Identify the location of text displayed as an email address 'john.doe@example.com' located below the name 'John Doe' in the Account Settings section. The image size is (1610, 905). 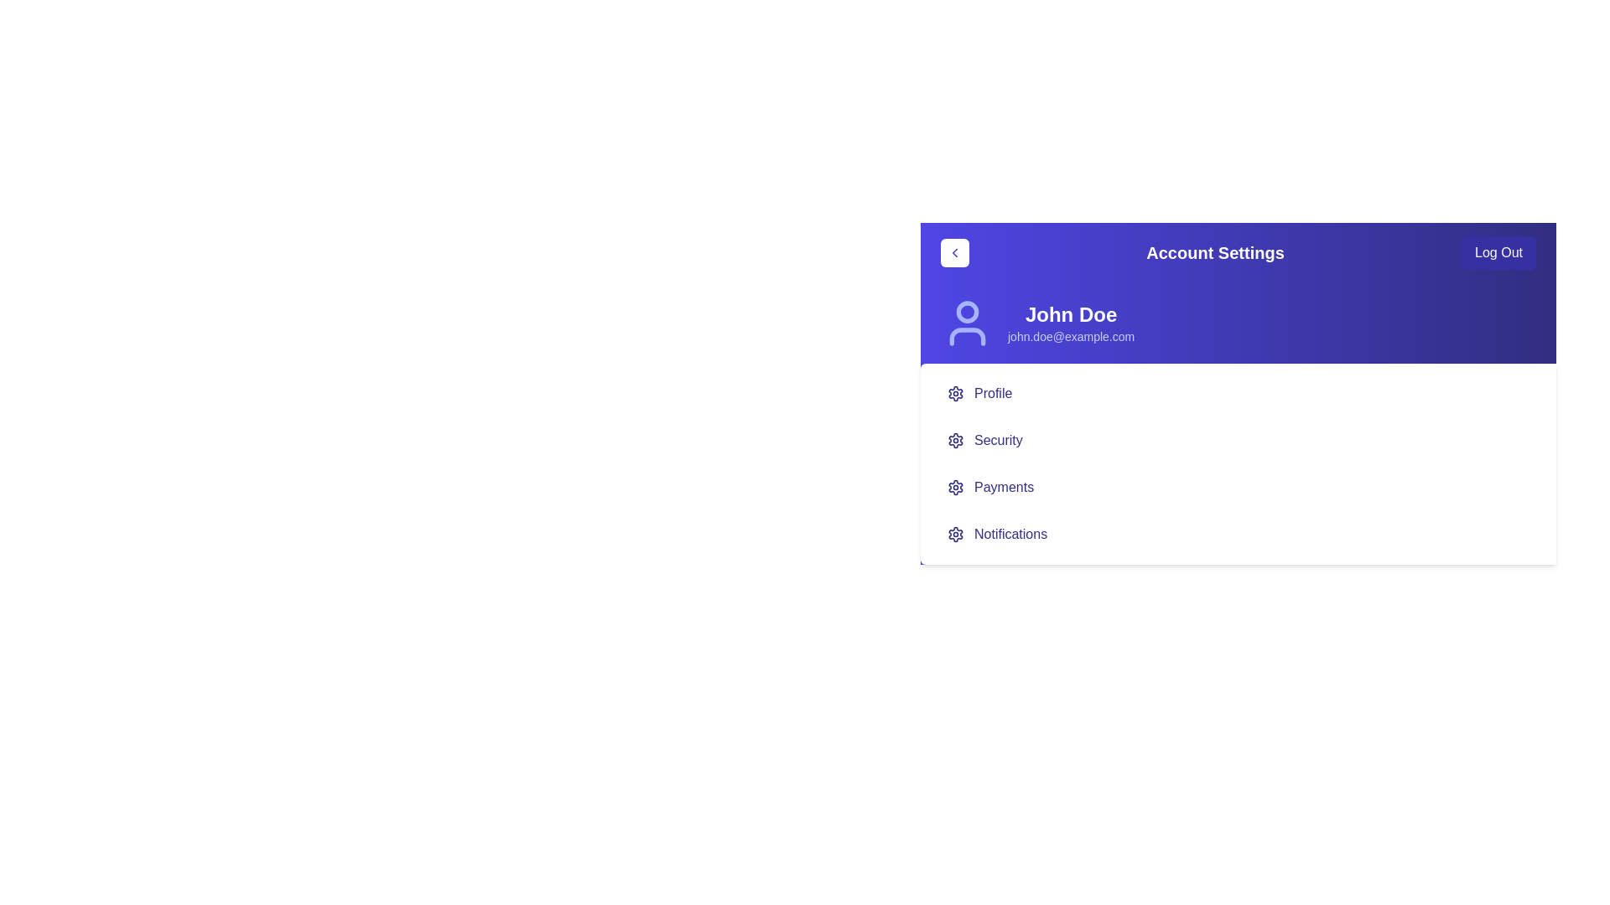
(1070, 336).